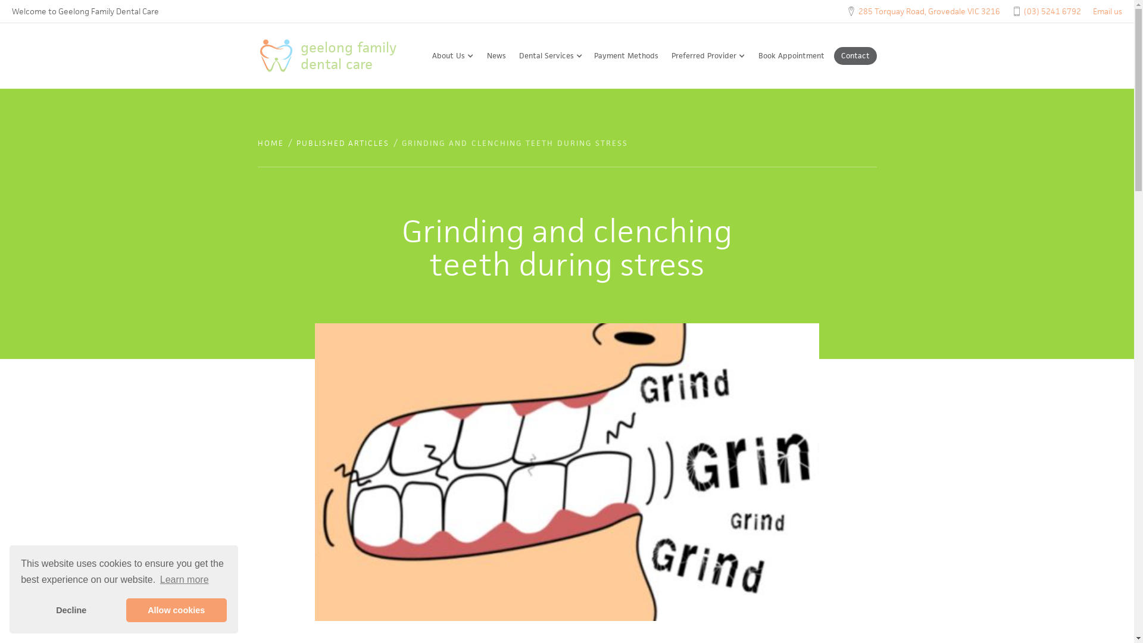 The height and width of the screenshot is (643, 1143). I want to click on 'geelong family, so click(337, 55).